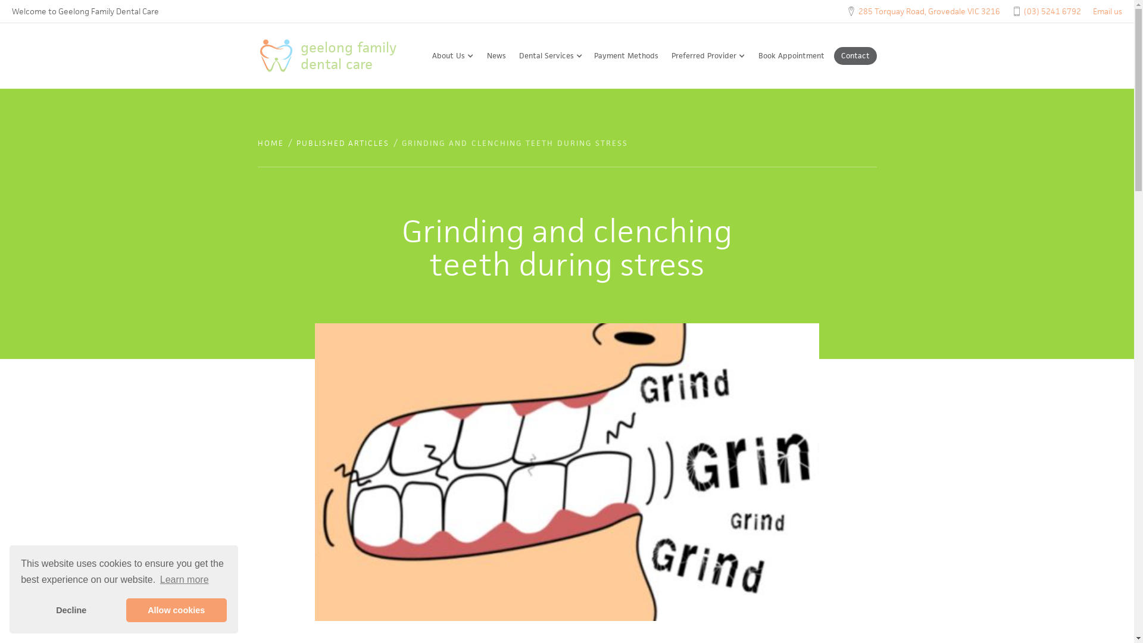 The height and width of the screenshot is (643, 1143). I want to click on 'geelong family, so click(337, 55).